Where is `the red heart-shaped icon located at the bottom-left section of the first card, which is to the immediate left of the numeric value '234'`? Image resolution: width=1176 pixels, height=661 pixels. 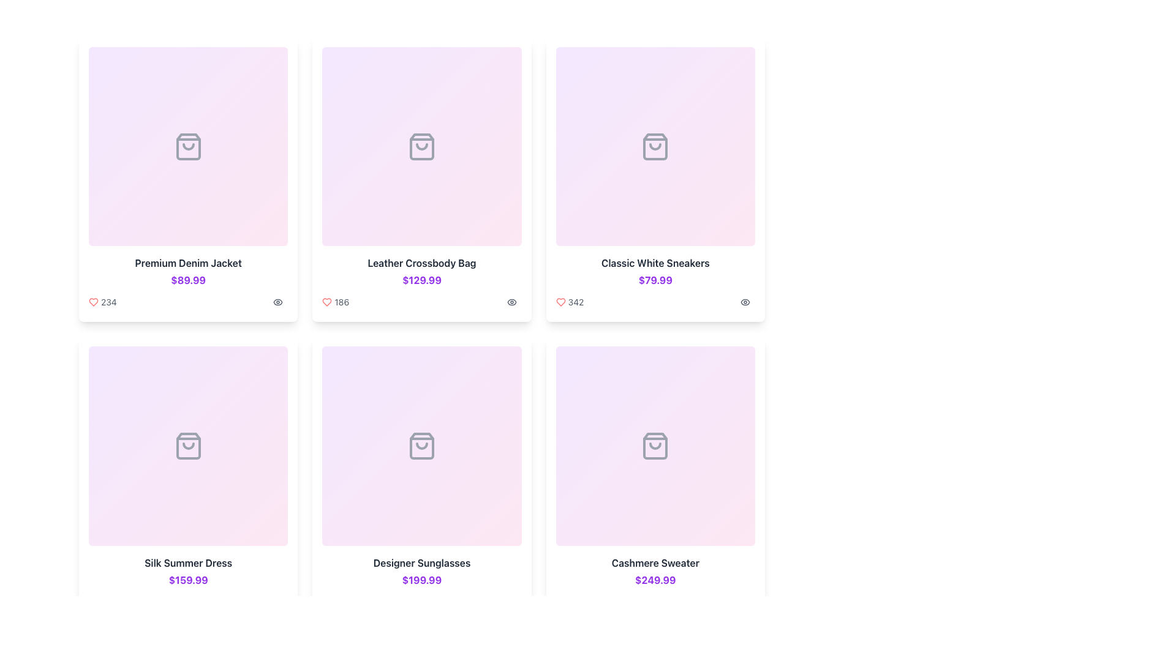 the red heart-shaped icon located at the bottom-left section of the first card, which is to the immediate left of the numeric value '234' is located at coordinates (93, 302).